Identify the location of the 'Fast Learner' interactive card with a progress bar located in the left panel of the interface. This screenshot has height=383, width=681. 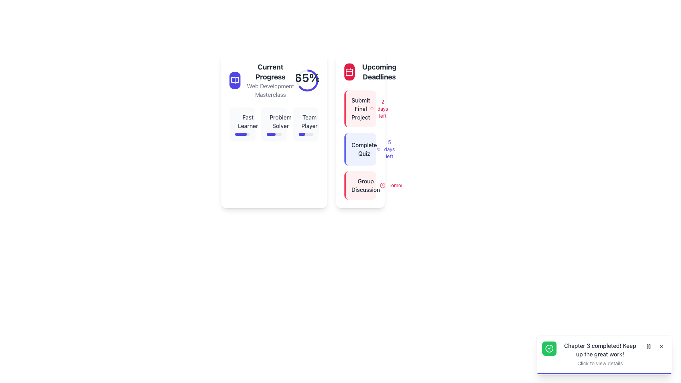
(242, 124).